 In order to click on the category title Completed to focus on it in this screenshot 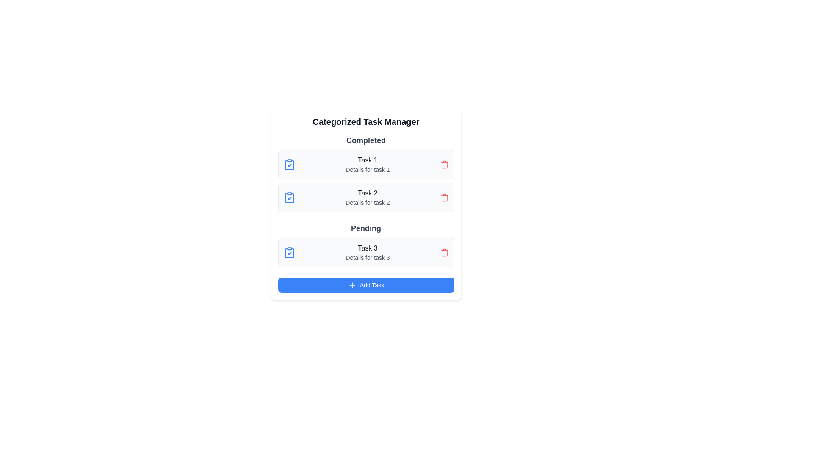, I will do `click(366, 140)`.